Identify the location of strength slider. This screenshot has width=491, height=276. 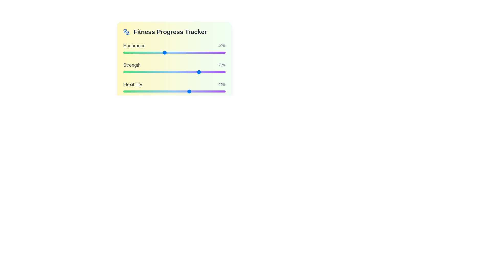
(132, 72).